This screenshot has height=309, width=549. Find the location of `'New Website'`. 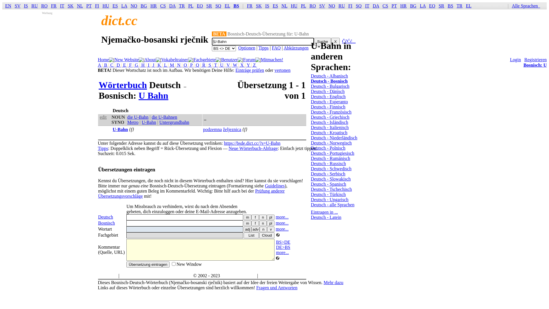

'New Website' is located at coordinates (126, 60).